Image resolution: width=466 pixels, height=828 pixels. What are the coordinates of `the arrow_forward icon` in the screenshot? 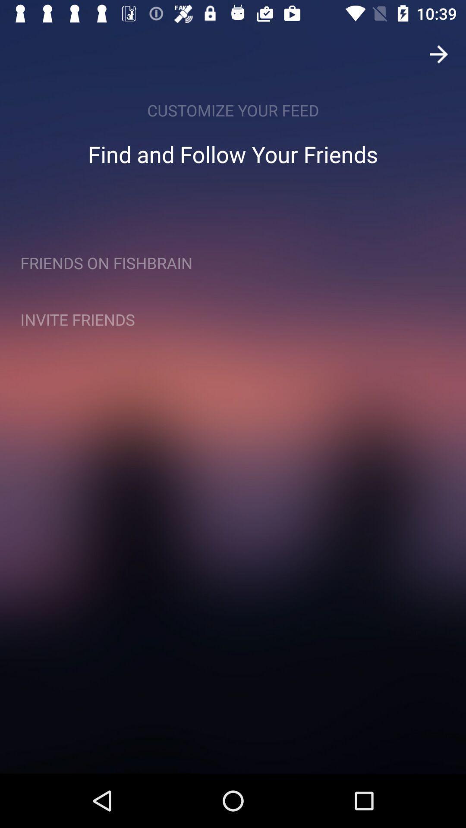 It's located at (439, 53).